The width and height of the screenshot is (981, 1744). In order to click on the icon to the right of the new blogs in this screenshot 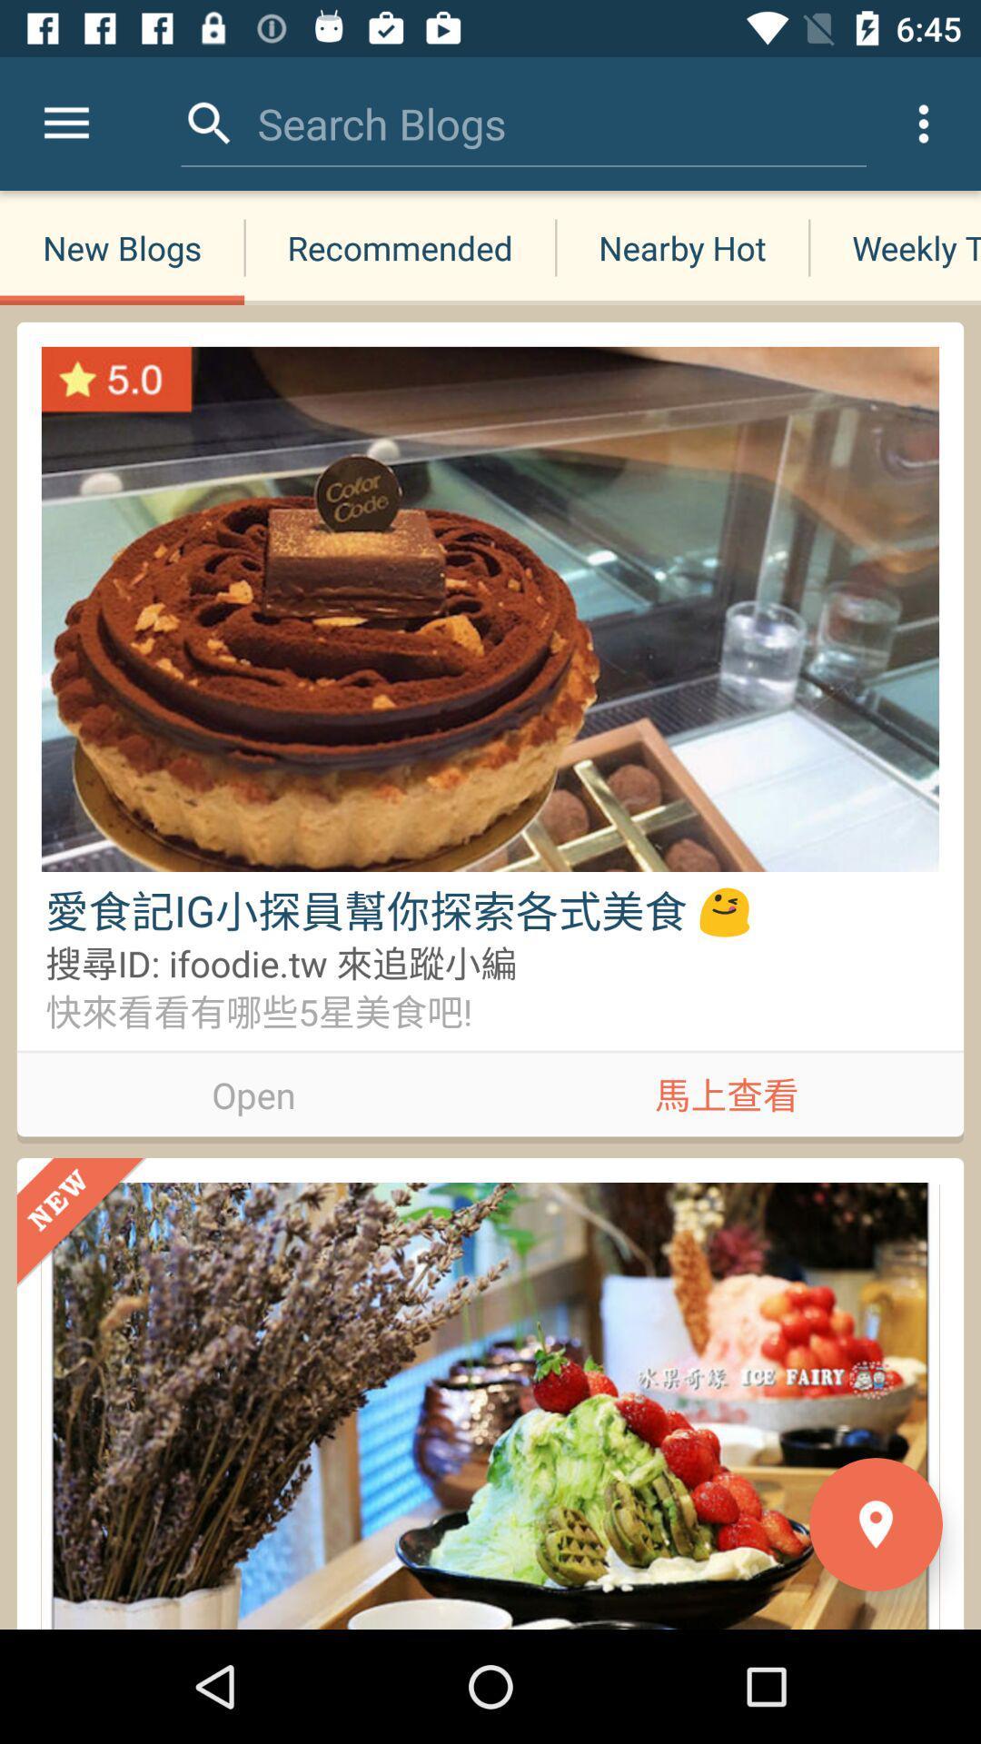, I will do `click(399, 247)`.